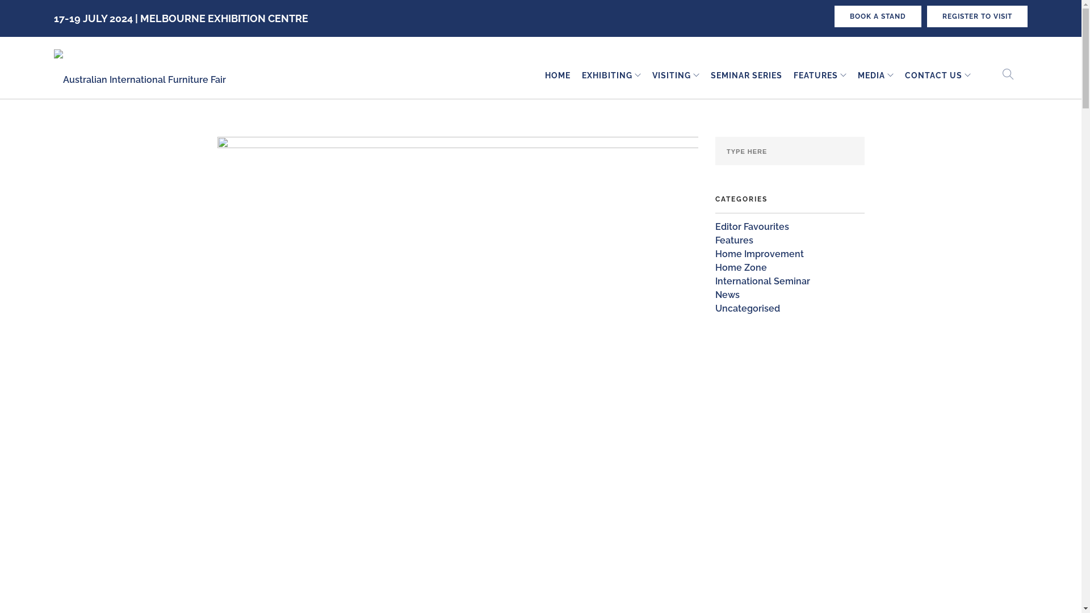 The image size is (1090, 613). I want to click on 'Uncategorised', so click(747, 308).